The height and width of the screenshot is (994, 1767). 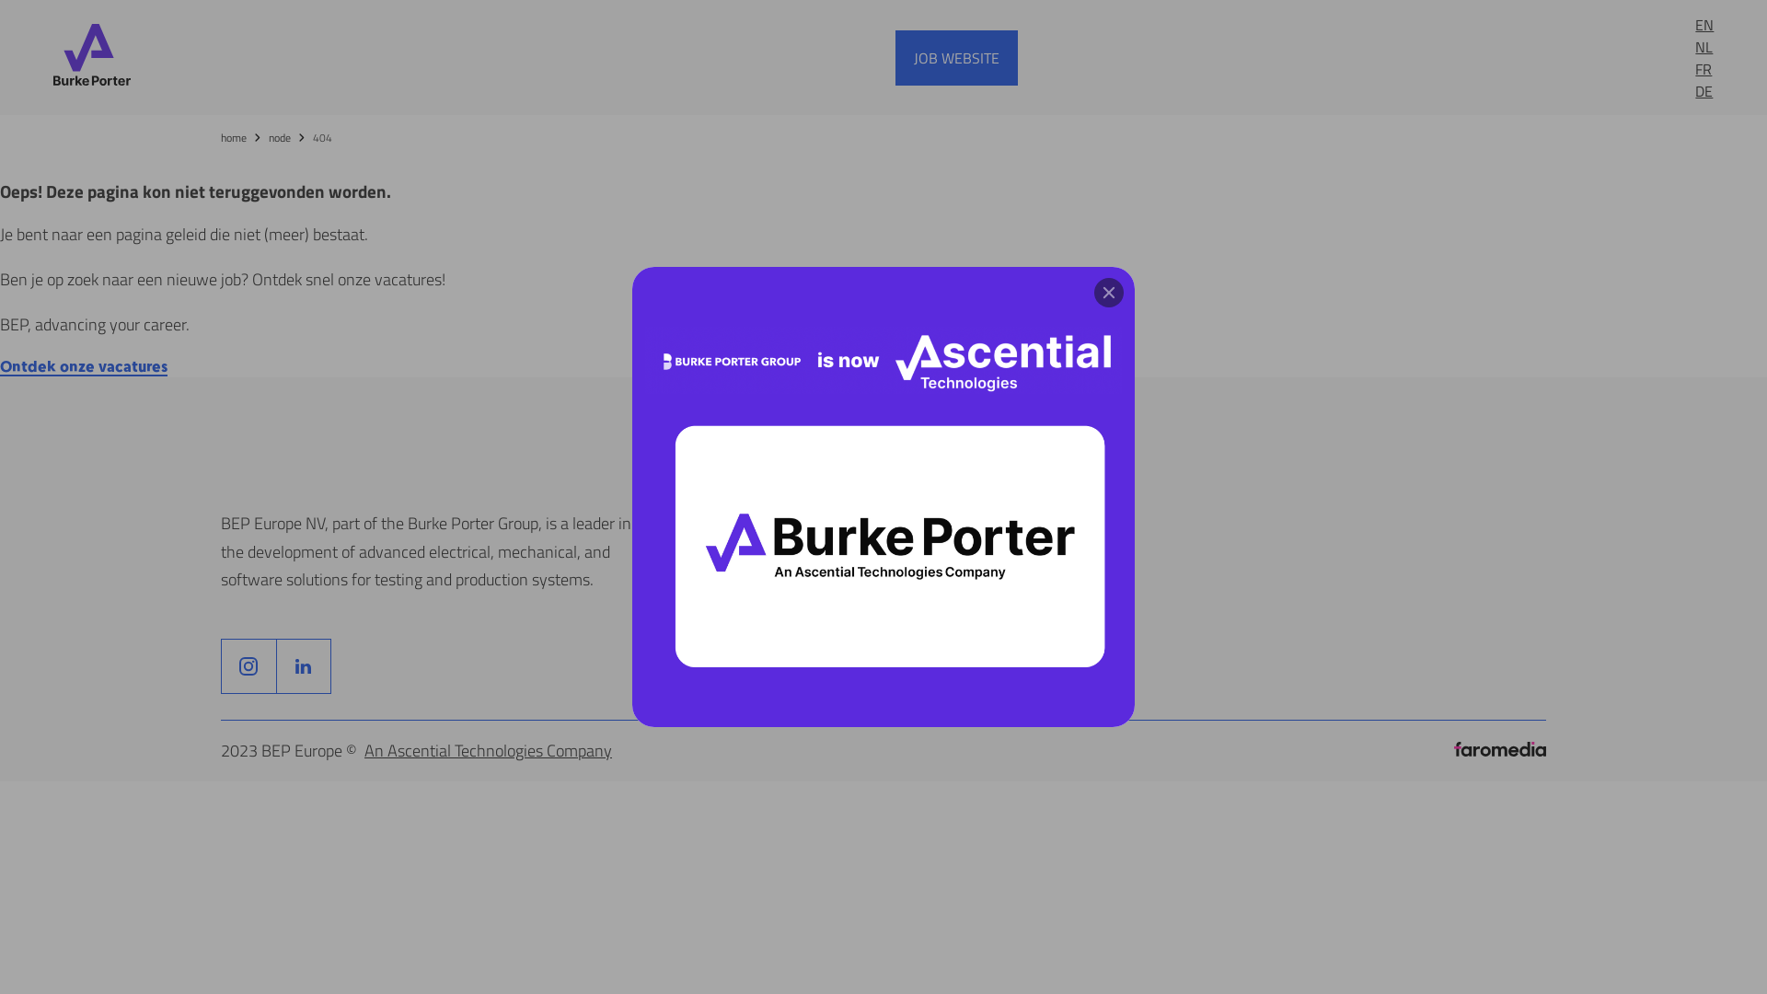 What do you see at coordinates (304, 666) in the screenshot?
I see `'F'` at bounding box center [304, 666].